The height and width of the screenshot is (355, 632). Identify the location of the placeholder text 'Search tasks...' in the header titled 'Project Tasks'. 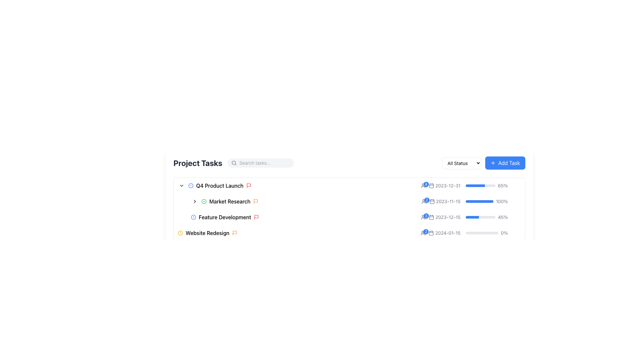
(234, 163).